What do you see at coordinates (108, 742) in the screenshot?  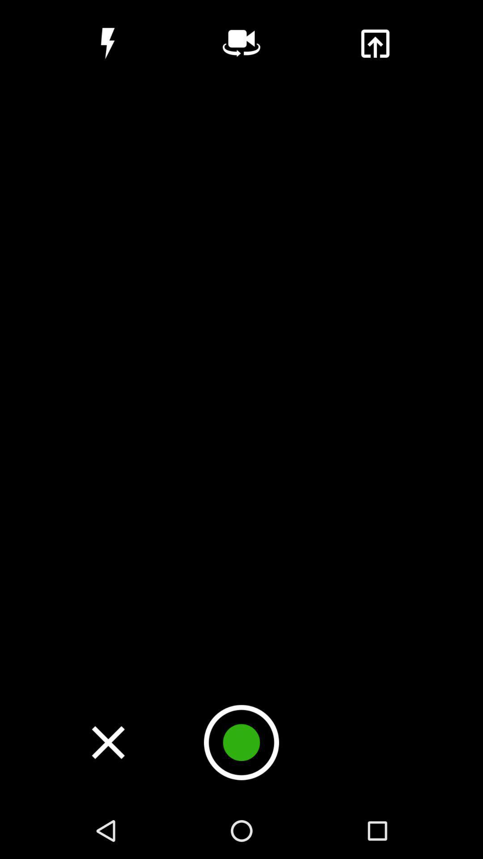 I see `the close icon` at bounding box center [108, 742].